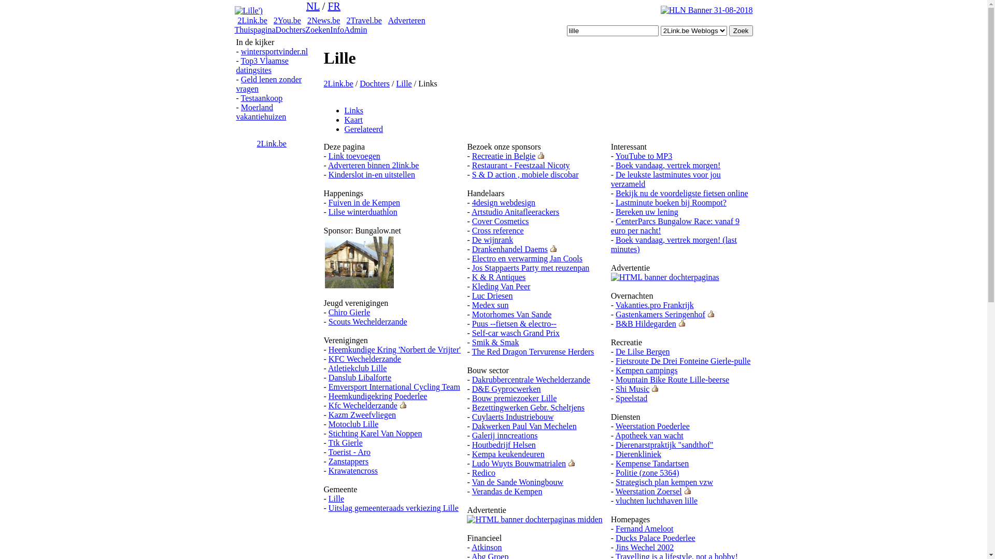 Image resolution: width=995 pixels, height=559 pixels. Describe the element at coordinates (312, 6) in the screenshot. I see `'NL'` at that location.